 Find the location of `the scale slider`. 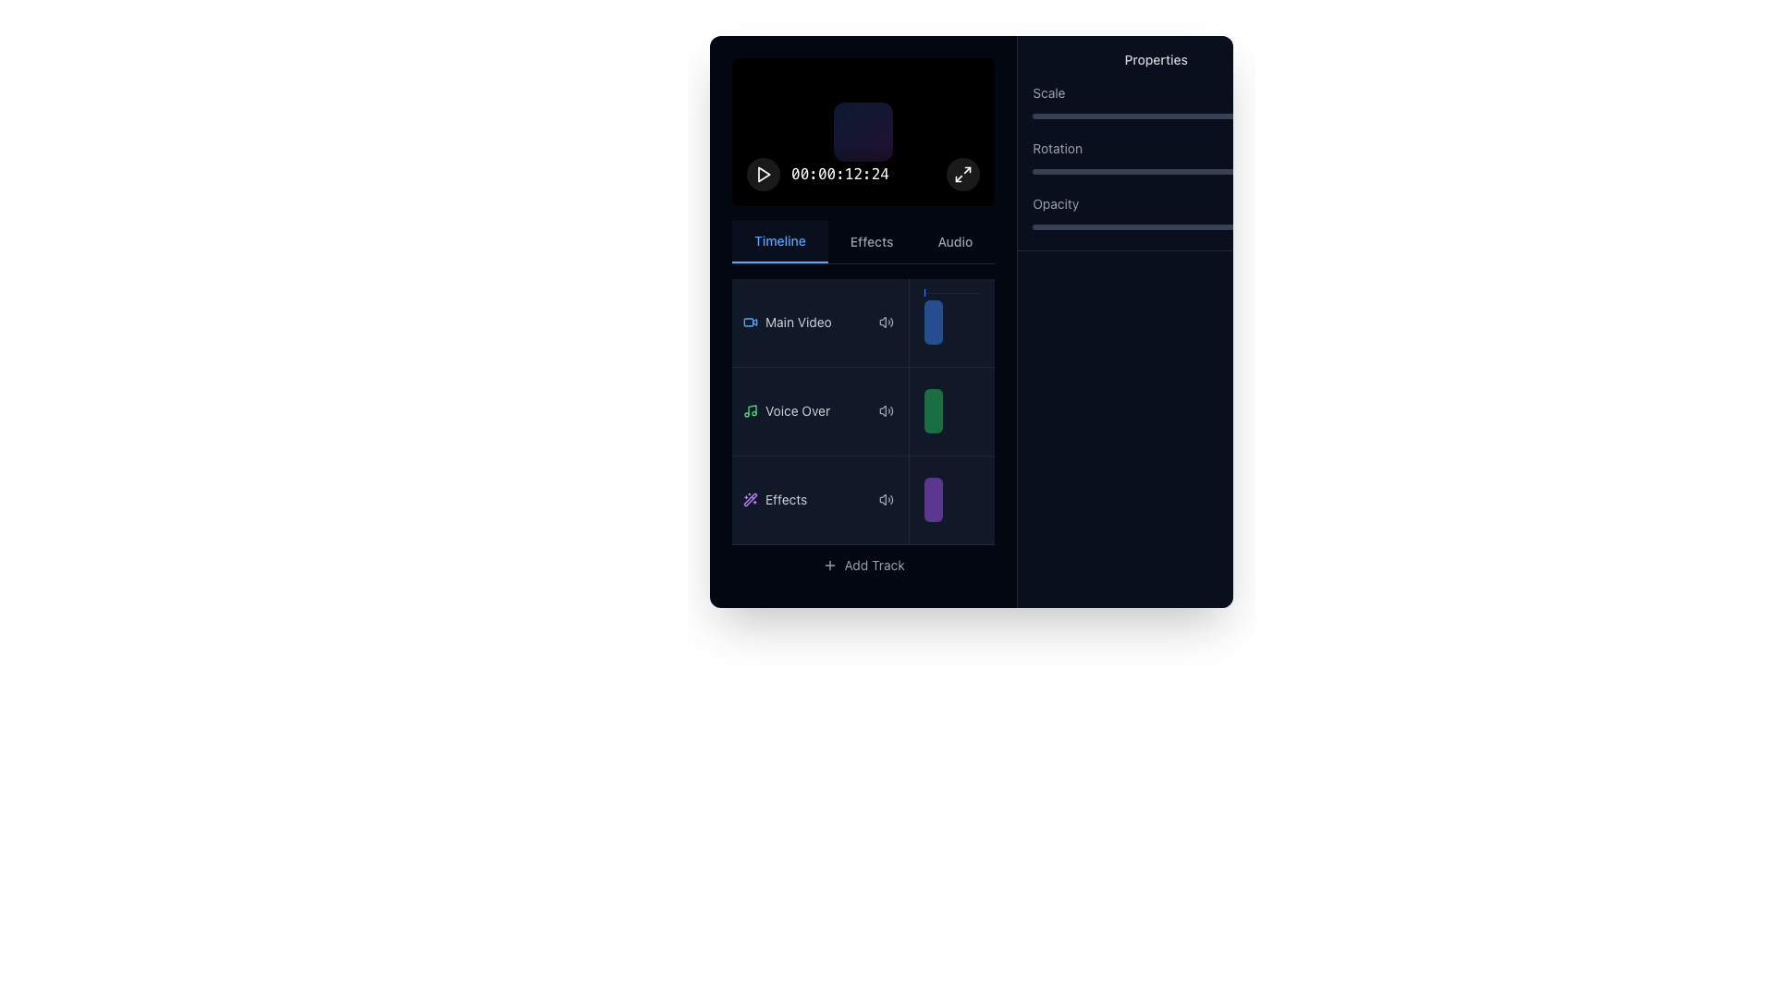

the scale slider is located at coordinates (1072, 116).